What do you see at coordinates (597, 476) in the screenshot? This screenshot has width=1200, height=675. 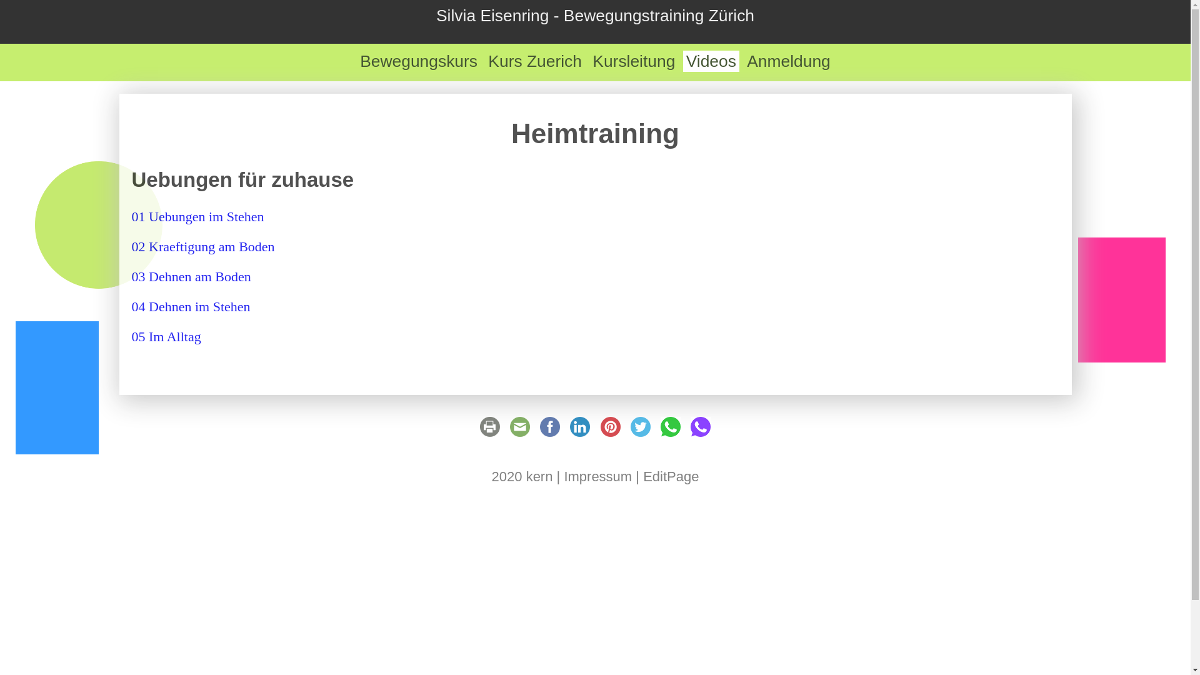 I see `'Impressum'` at bounding box center [597, 476].